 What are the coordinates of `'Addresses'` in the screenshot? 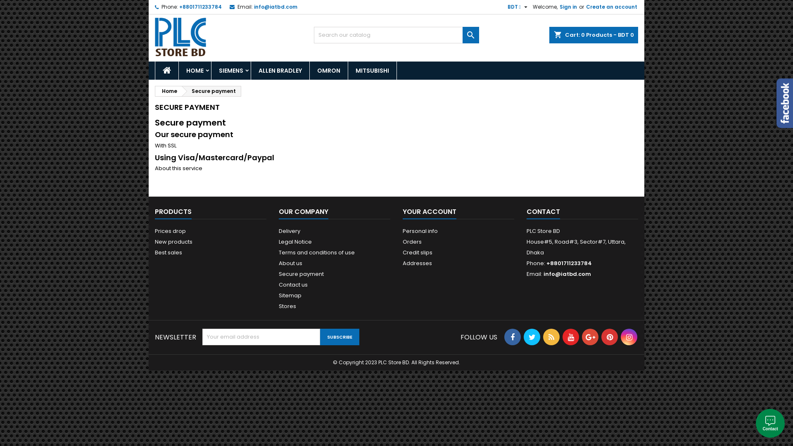 It's located at (417, 263).